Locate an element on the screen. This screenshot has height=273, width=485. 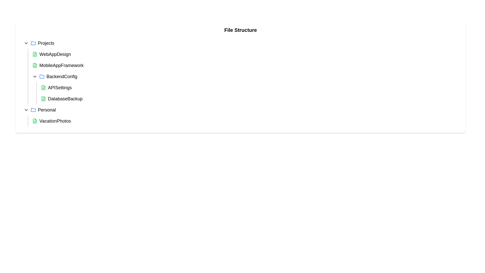
the File icon represented as a green rectangular icon with rounded corners, located before the 'APISettings' text under the 'BackendConfig' folder in the 'Projects' category is located at coordinates (43, 87).